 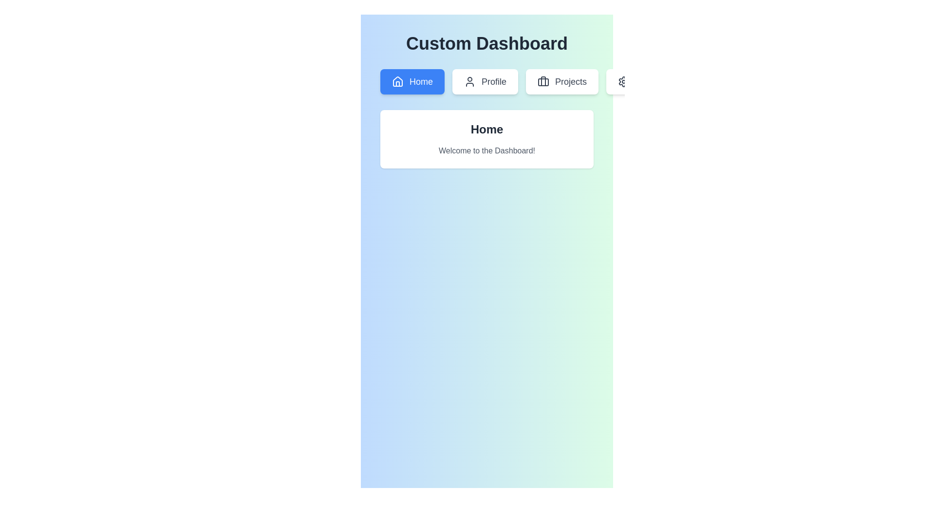 What do you see at coordinates (485, 81) in the screenshot?
I see `the 'Profile' button, which has a white background, gray text, and is located between the 'Home' and 'Projects' buttons` at bounding box center [485, 81].